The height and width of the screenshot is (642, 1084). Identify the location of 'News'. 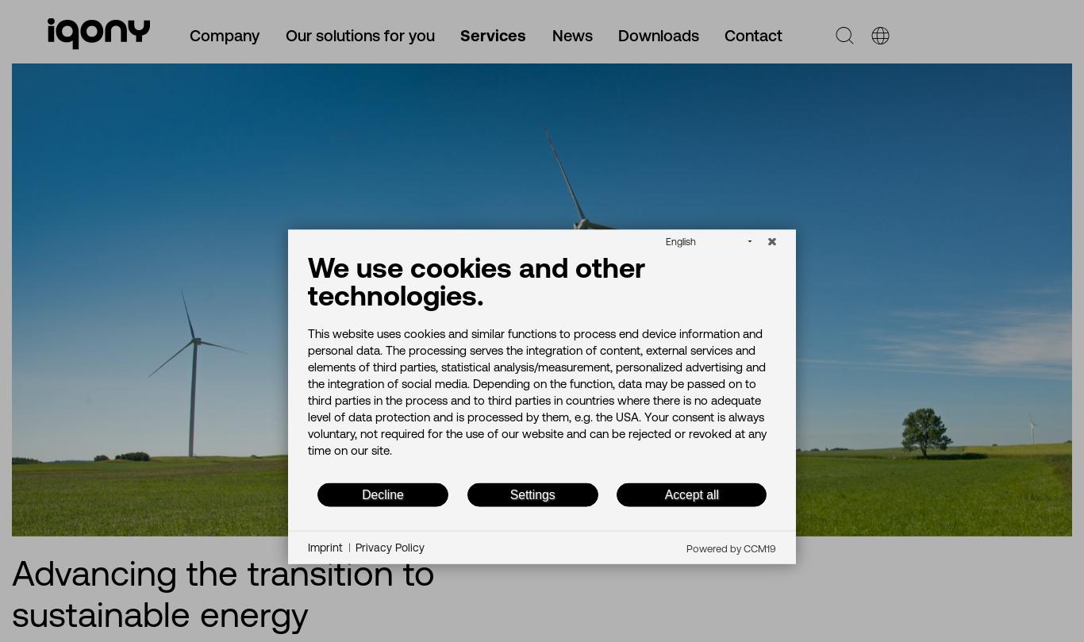
(571, 34).